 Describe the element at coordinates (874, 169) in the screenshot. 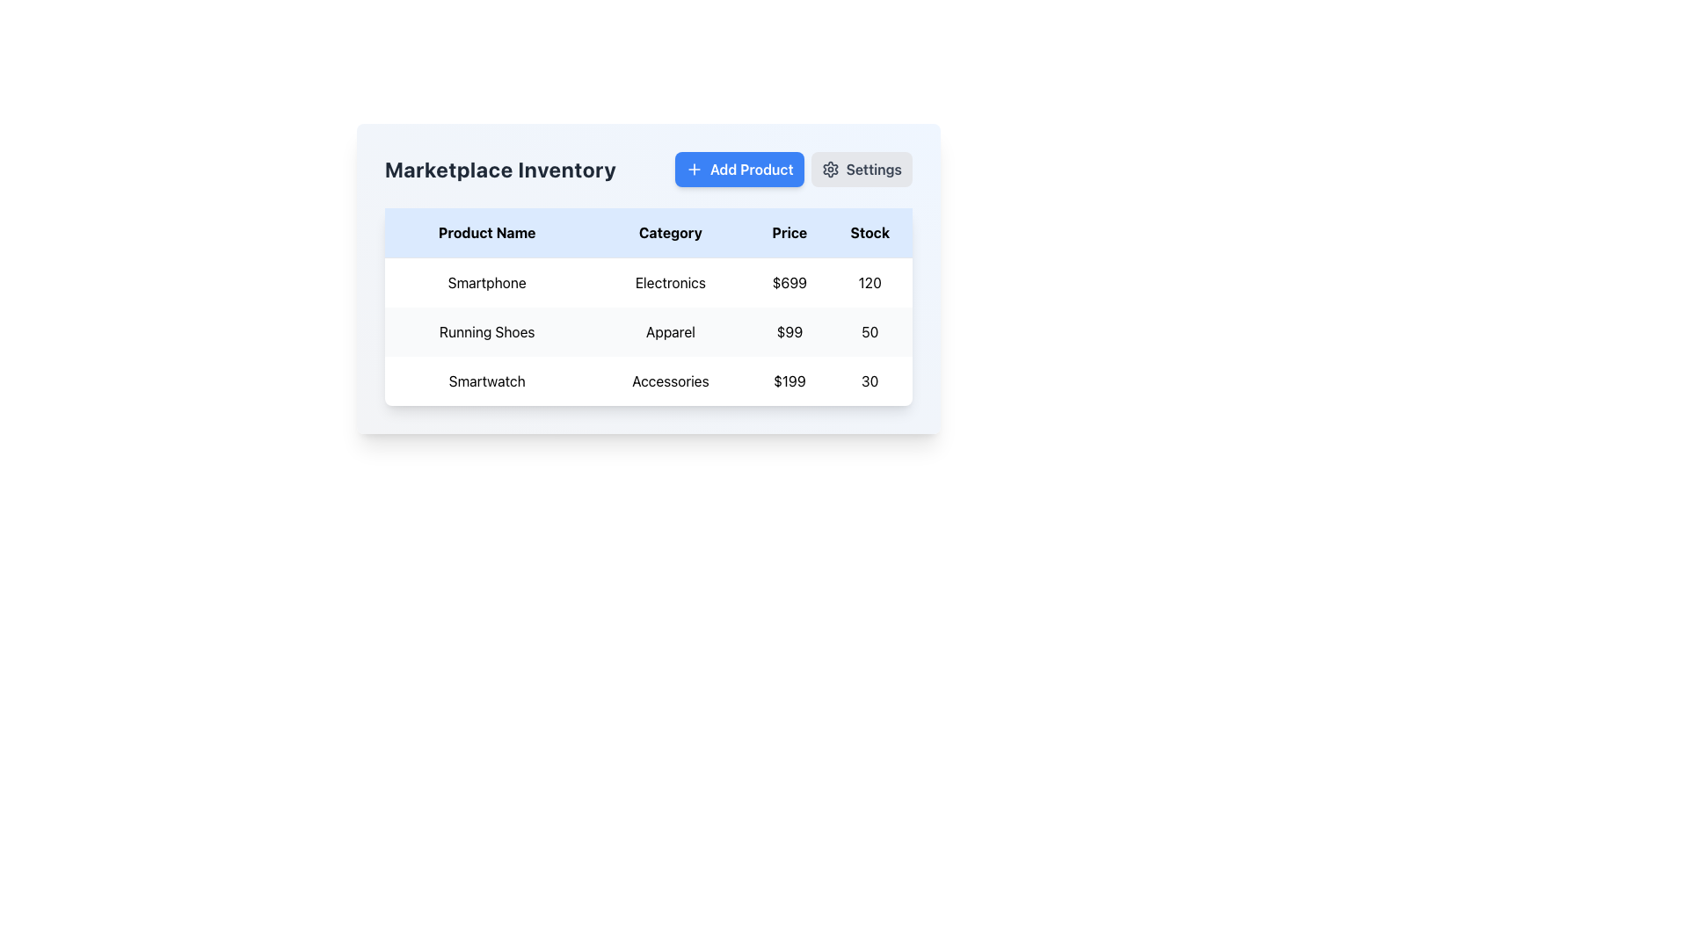

I see `the 'Settings' text label, which is styled in bold and dark color, located in the top-right corner of the user interface next to the '+ Add Product' button` at that location.